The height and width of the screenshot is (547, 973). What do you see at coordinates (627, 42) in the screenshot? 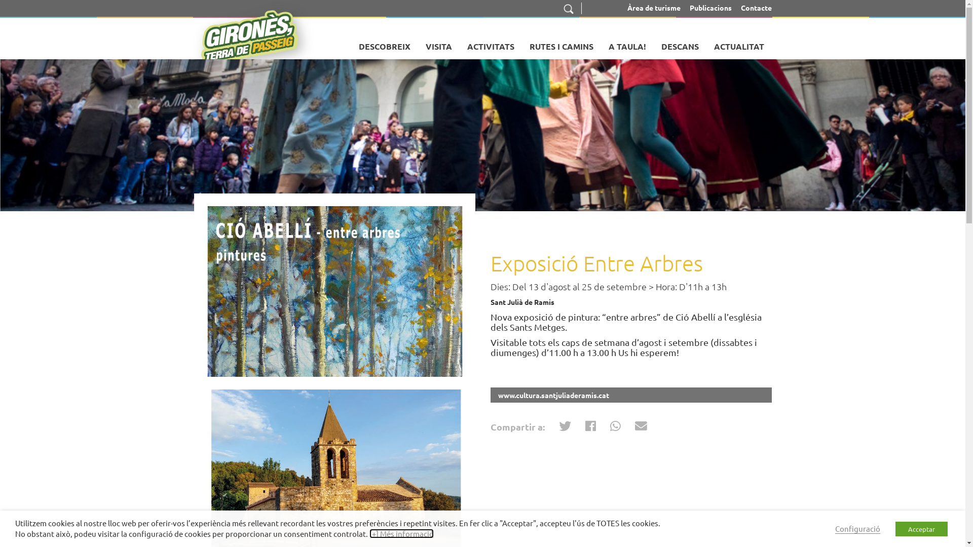
I see `'A TAULA!'` at bounding box center [627, 42].